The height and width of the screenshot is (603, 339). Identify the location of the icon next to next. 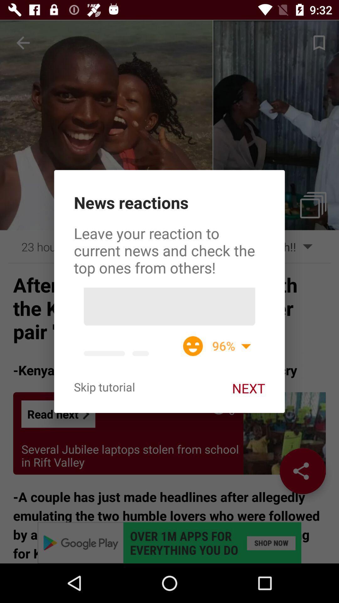
(104, 387).